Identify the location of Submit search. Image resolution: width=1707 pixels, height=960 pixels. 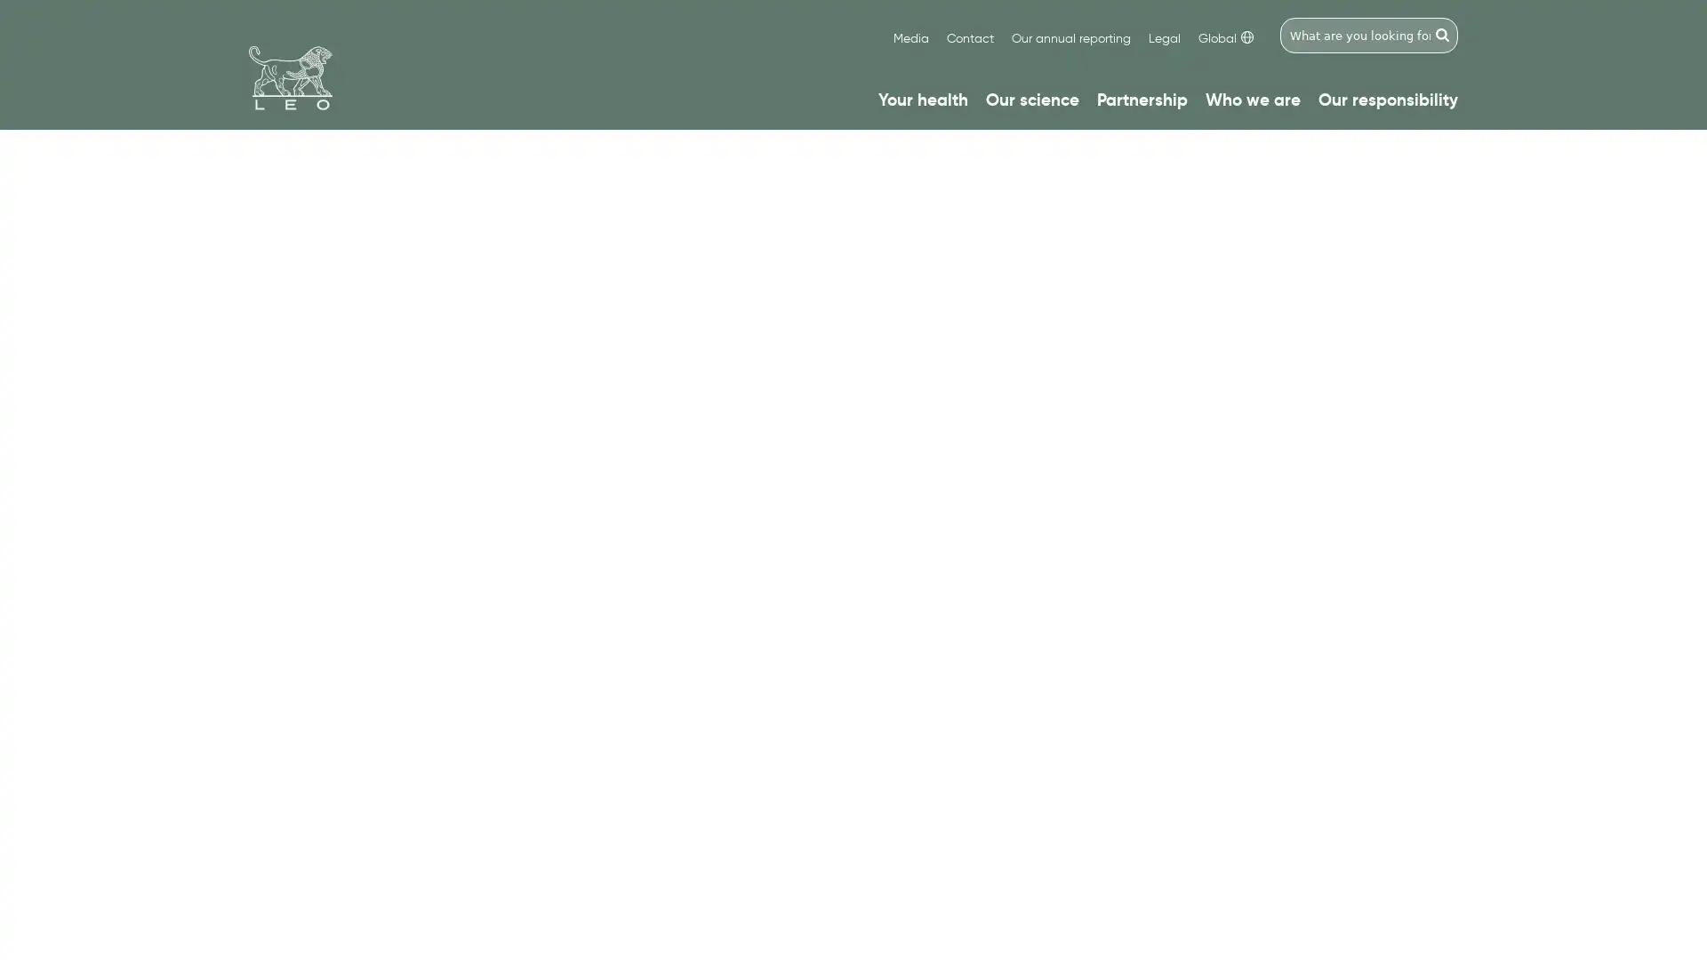
(1442, 35).